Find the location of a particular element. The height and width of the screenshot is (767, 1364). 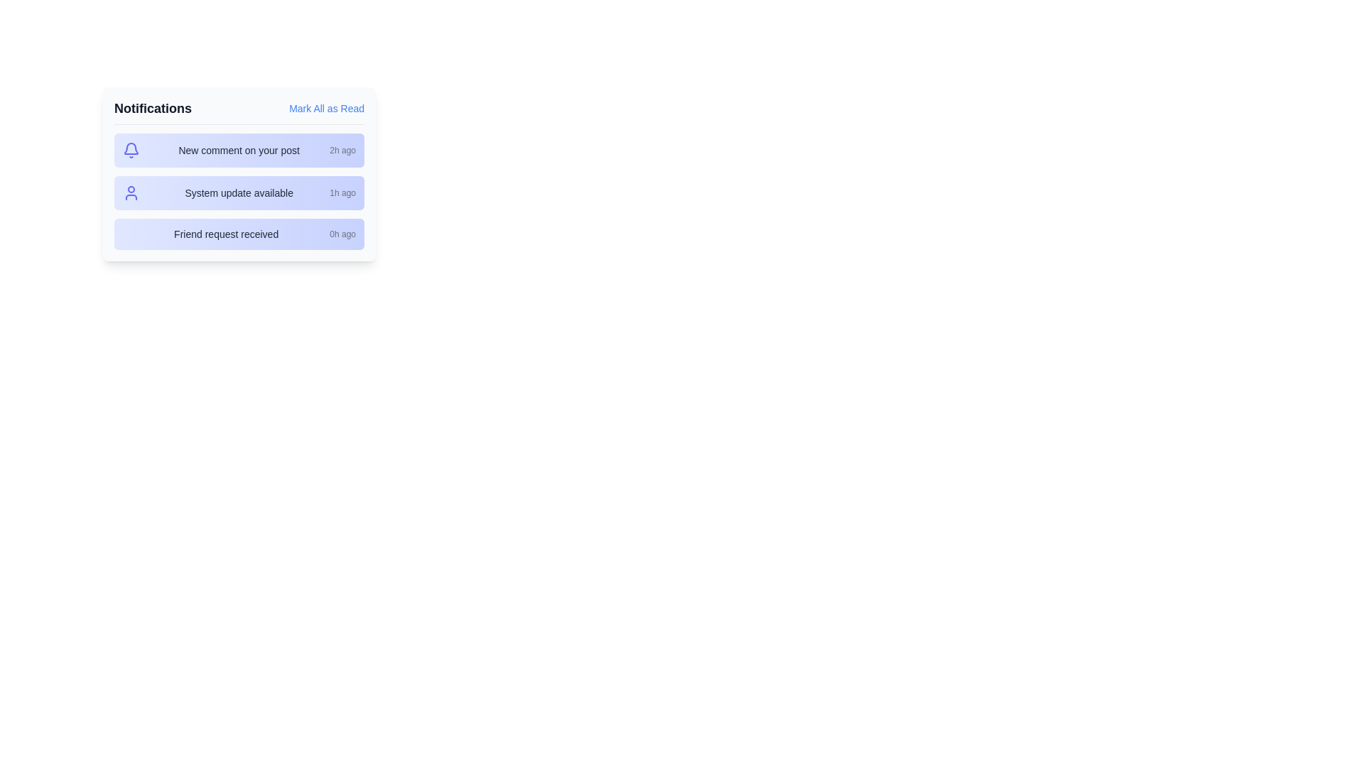

the time information displayed in the text label indicating when the notification 'System update available' was issued, located at the rightmost side of the second notification card in the notification panel is located at coordinates (342, 193).